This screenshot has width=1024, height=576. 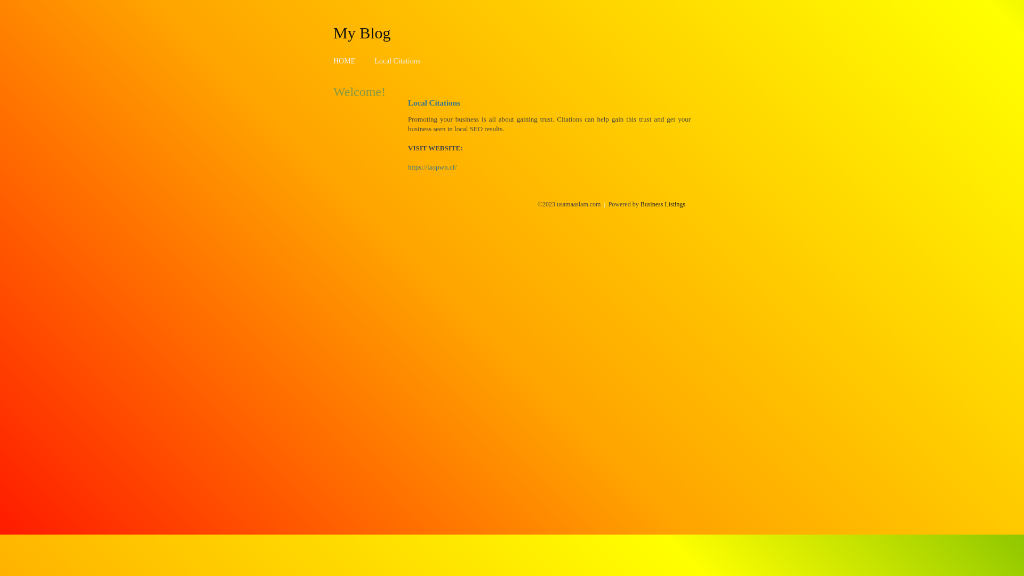 What do you see at coordinates (362, 32) in the screenshot?
I see `'My Blog'` at bounding box center [362, 32].